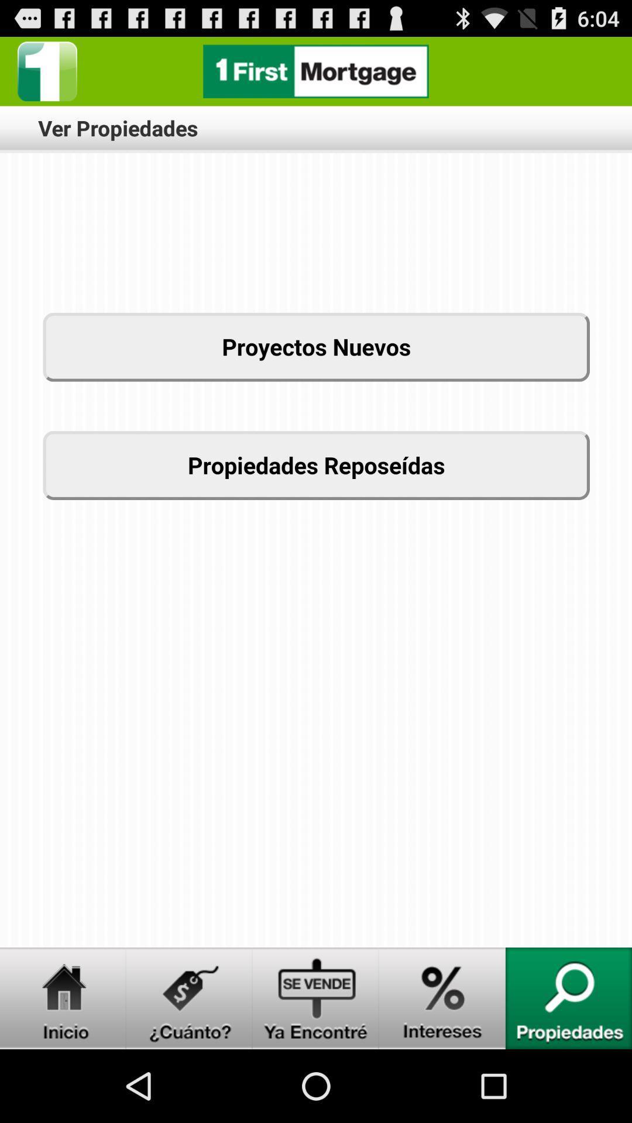 The width and height of the screenshot is (632, 1123). What do you see at coordinates (316, 998) in the screenshot?
I see `ya encontre` at bounding box center [316, 998].